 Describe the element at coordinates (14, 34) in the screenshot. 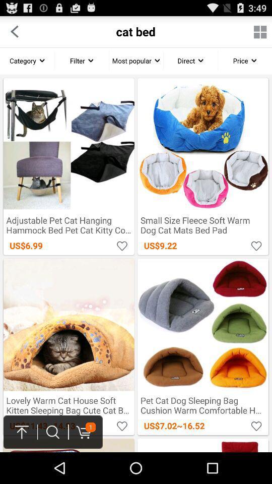

I see `the arrow_backward icon` at that location.